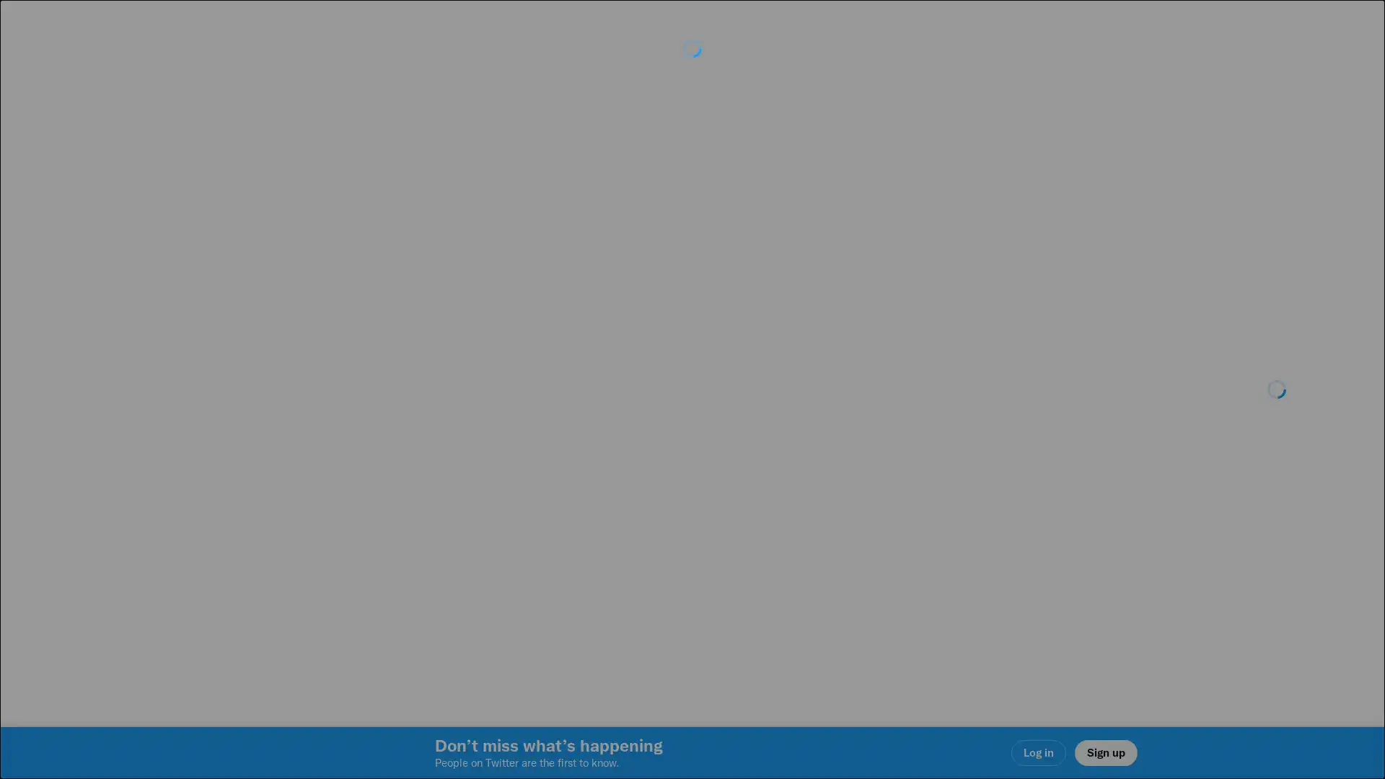  I want to click on Sign up, so click(521, 491).